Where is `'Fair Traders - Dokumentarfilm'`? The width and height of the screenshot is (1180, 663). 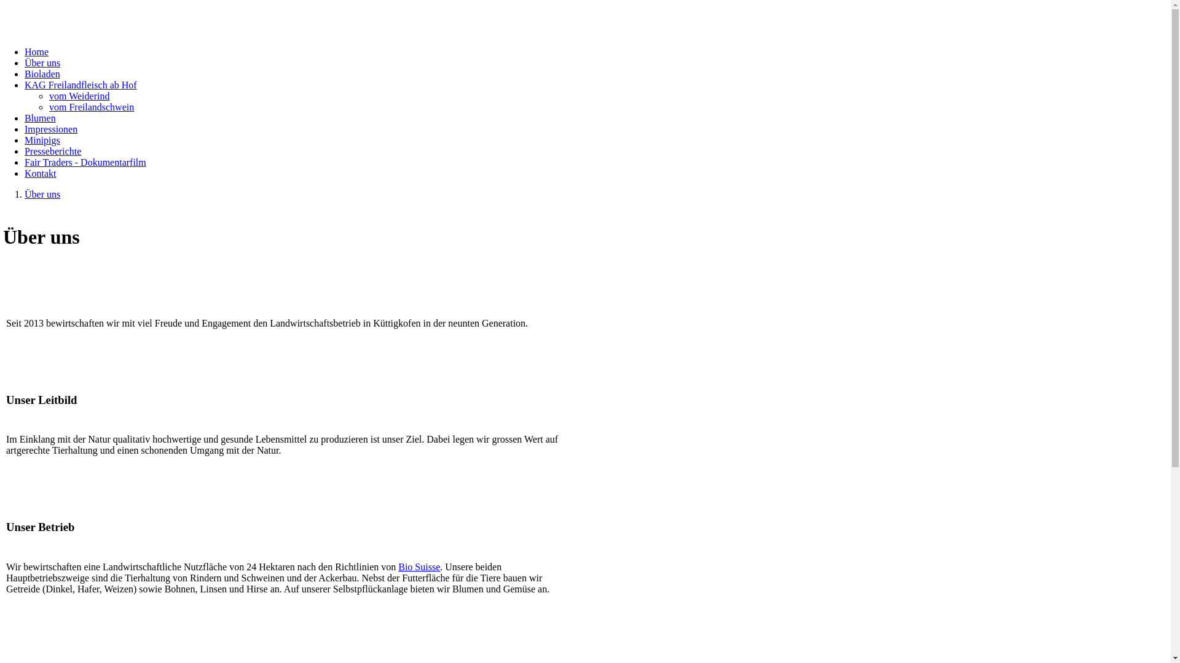 'Fair Traders - Dokumentarfilm' is located at coordinates (85, 161).